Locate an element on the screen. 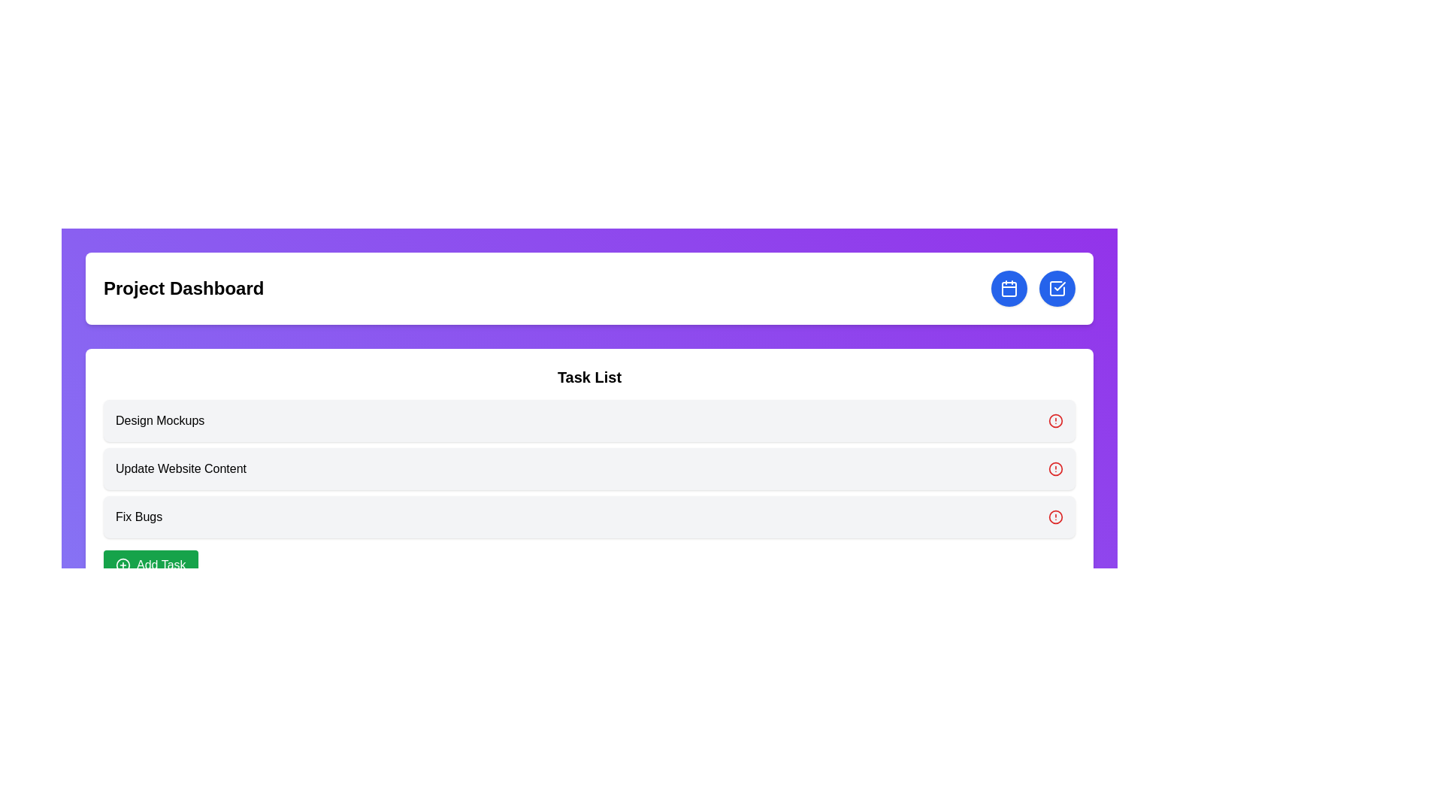 The height and width of the screenshot is (812, 1443). the blue circular icon with a check mark inside it, located on the right side of the top bar is located at coordinates (1056, 289).